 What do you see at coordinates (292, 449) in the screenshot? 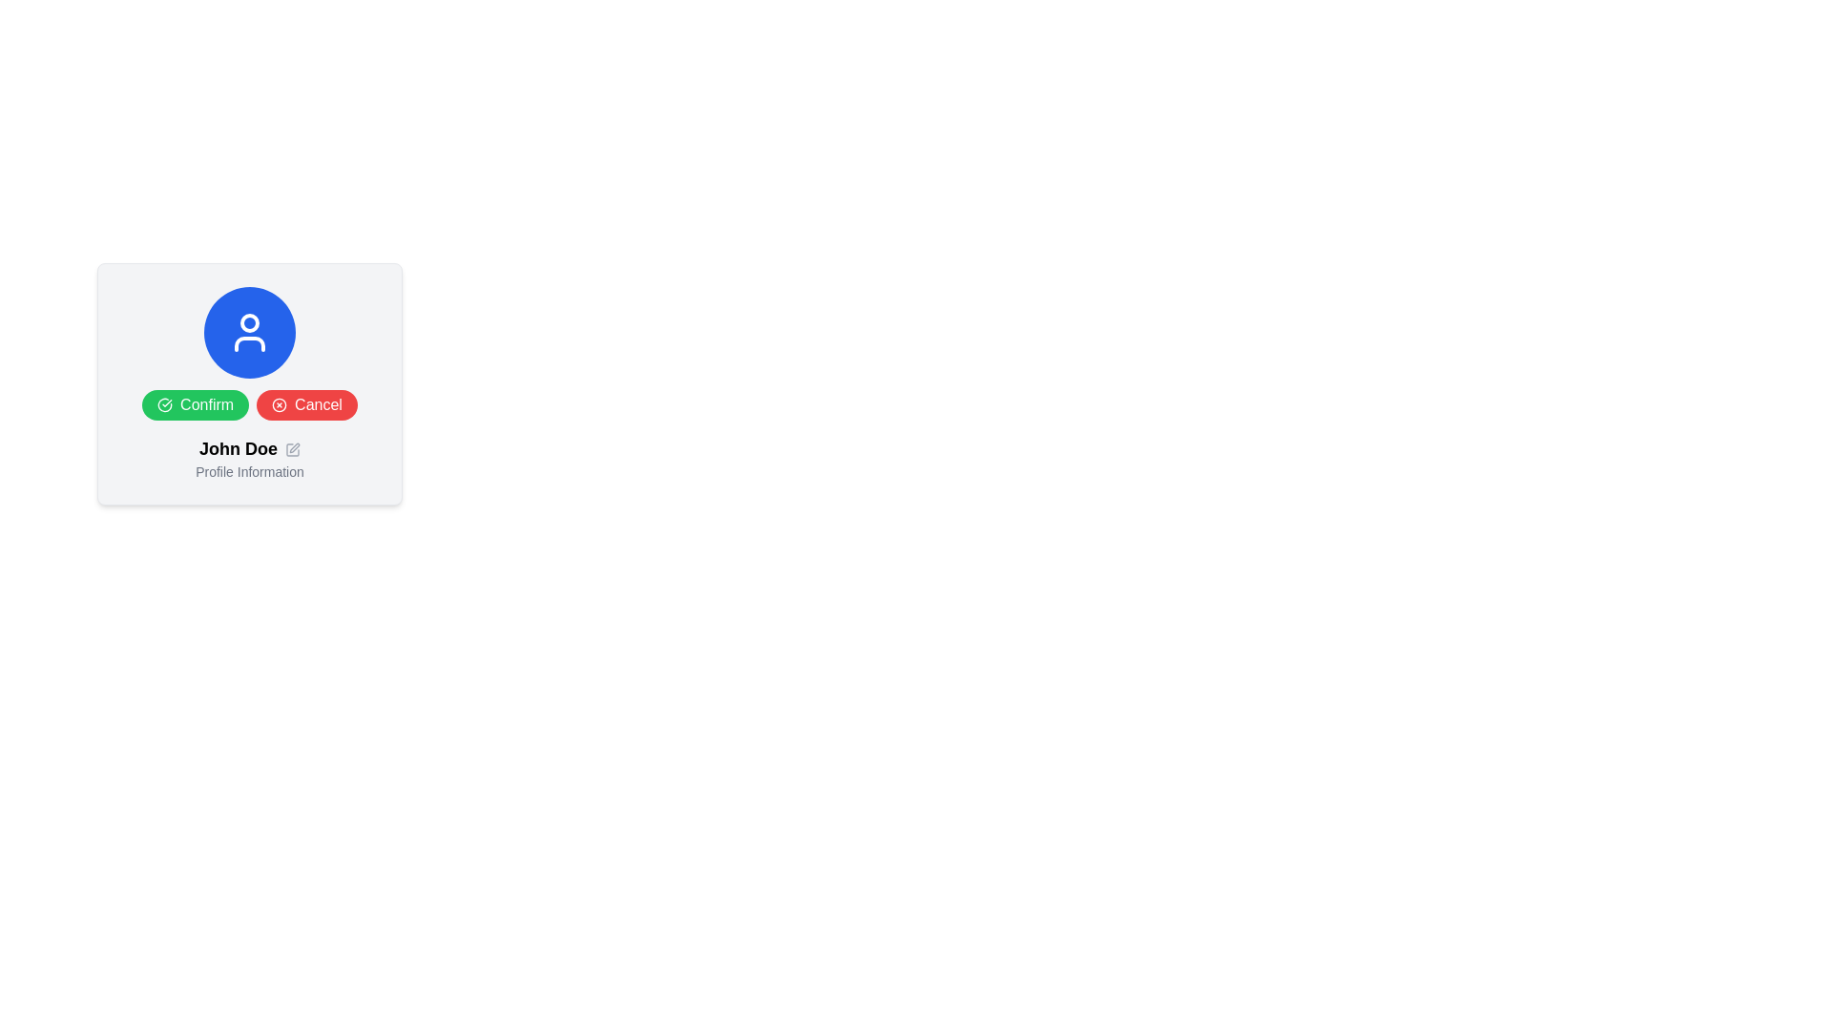
I see `the small edit icon button, which is a light gray square-outline with a pen sketch, located immediately to the right of the text 'John Doe'` at bounding box center [292, 449].